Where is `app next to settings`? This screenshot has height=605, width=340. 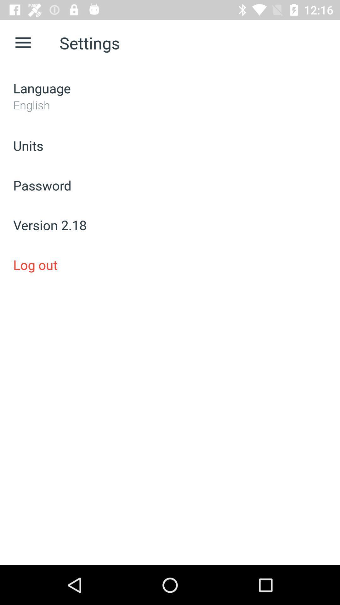
app next to settings is located at coordinates (23, 43).